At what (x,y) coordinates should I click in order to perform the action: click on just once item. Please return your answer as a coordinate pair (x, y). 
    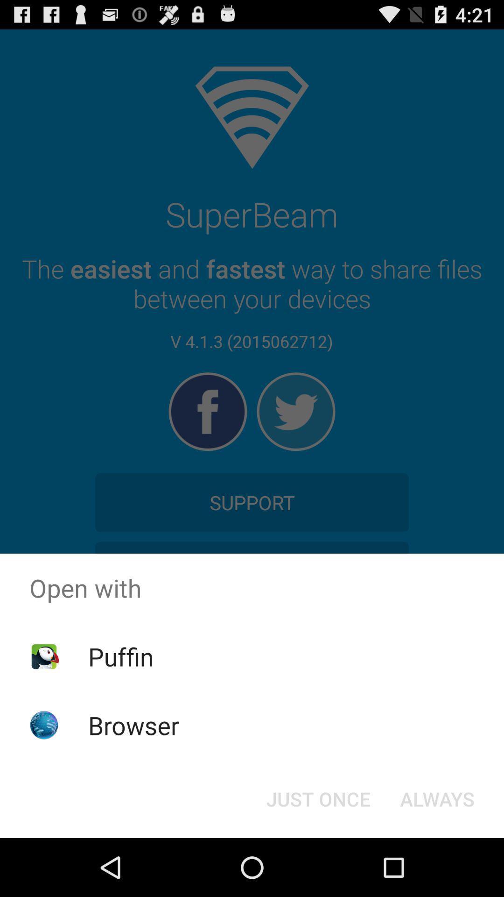
    Looking at the image, I should click on (318, 798).